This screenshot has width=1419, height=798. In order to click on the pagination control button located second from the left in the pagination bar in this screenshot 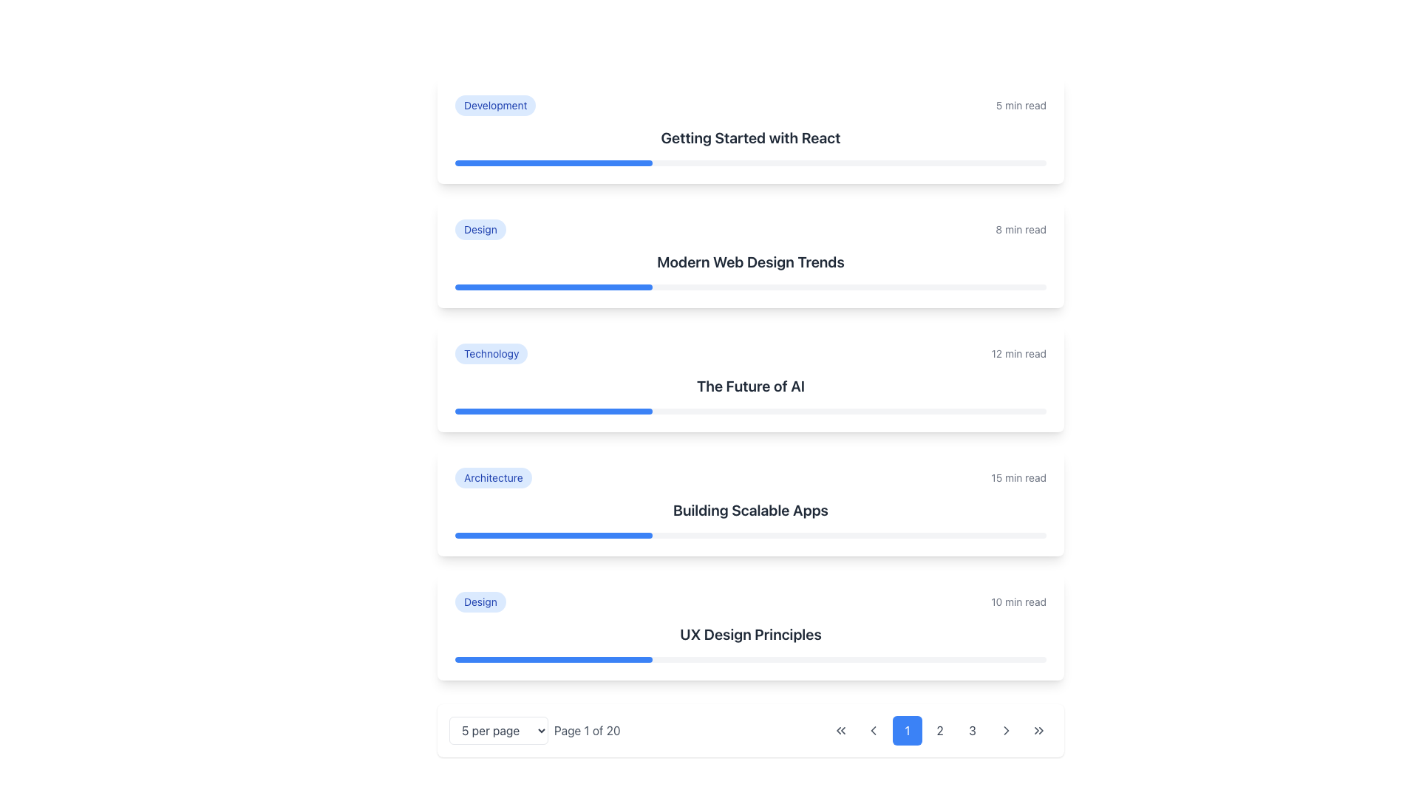, I will do `click(873, 729)`.